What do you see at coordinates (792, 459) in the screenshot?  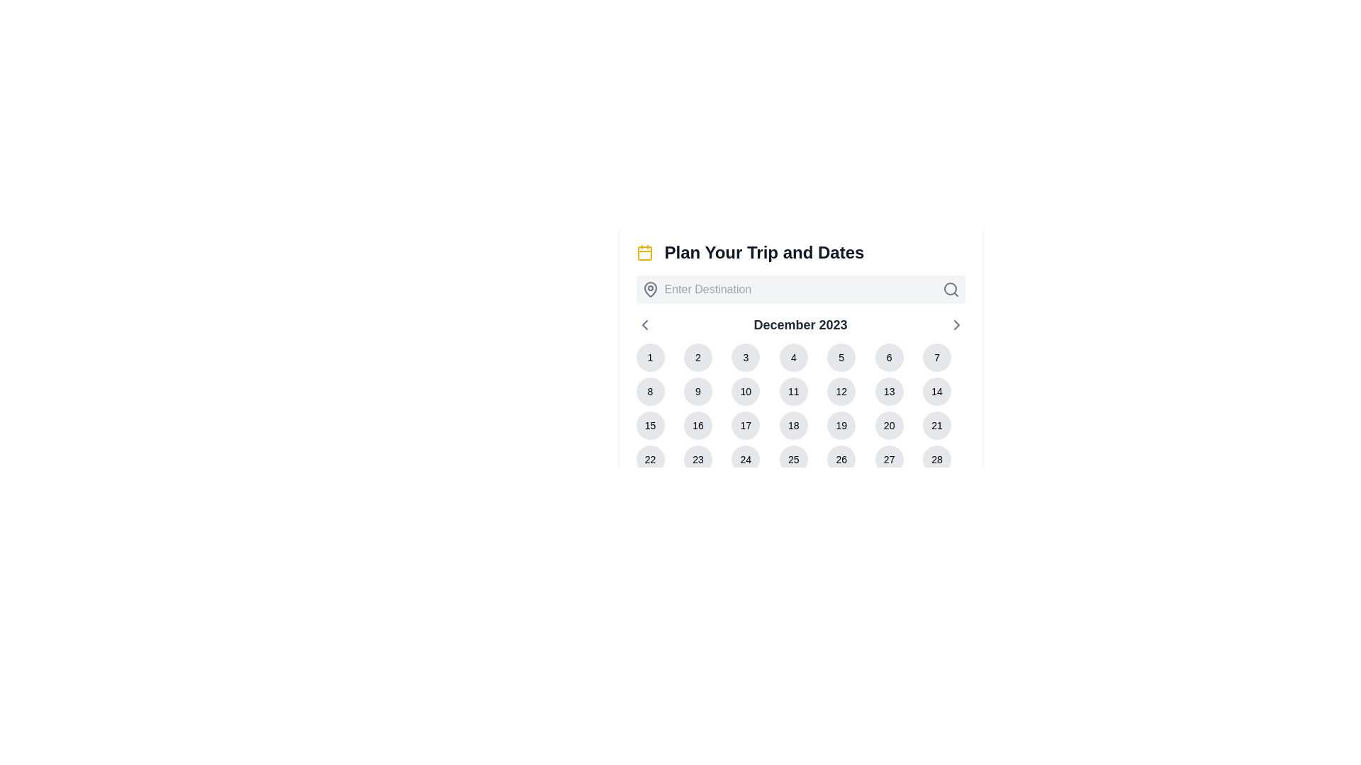 I see `the interactive date picker button located in the fourth row and fourth column of the grid` at bounding box center [792, 459].